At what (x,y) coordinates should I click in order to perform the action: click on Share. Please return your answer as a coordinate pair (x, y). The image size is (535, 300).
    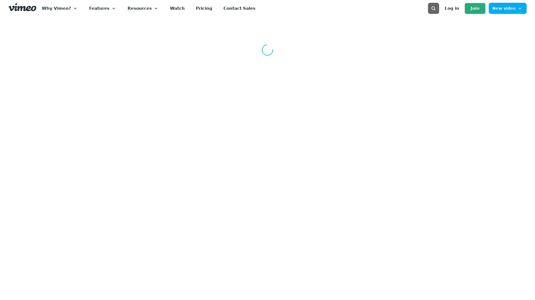
    Looking at the image, I should click on (505, 111).